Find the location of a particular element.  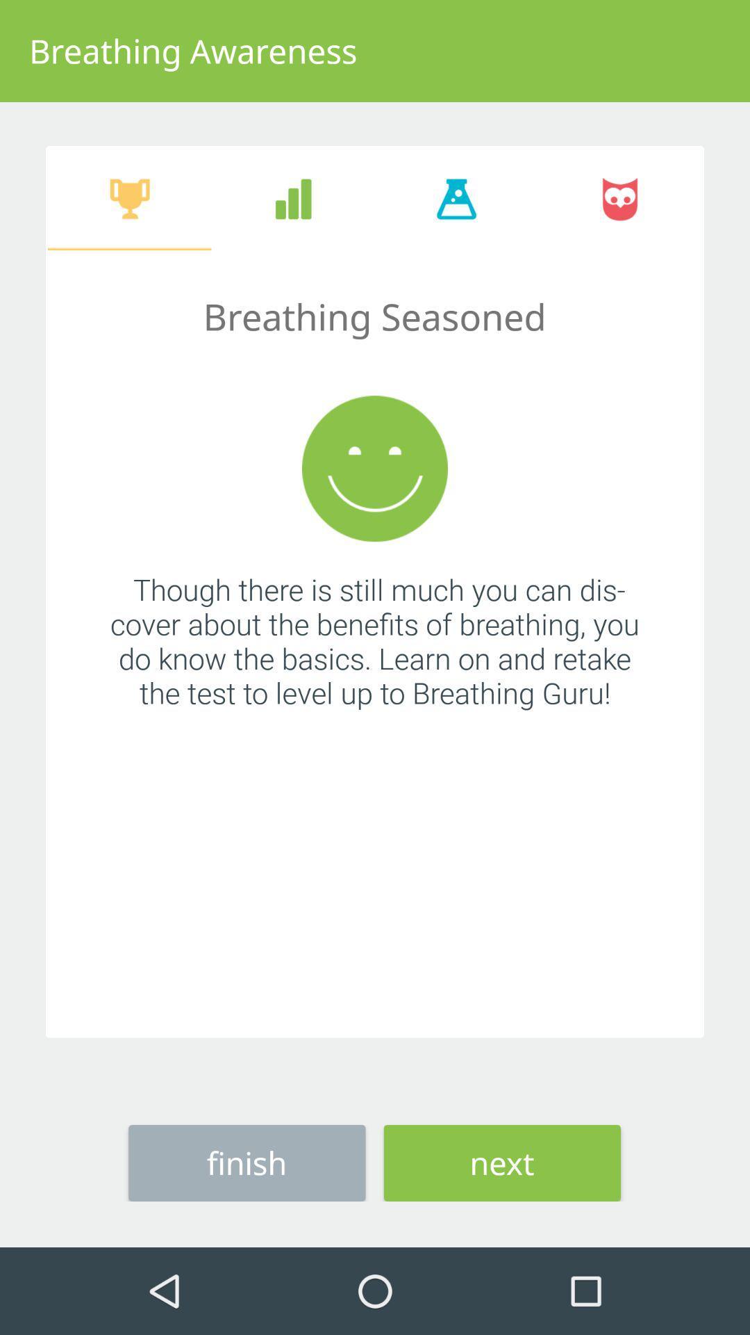

the button at the bottom right corner is located at coordinates (502, 1163).